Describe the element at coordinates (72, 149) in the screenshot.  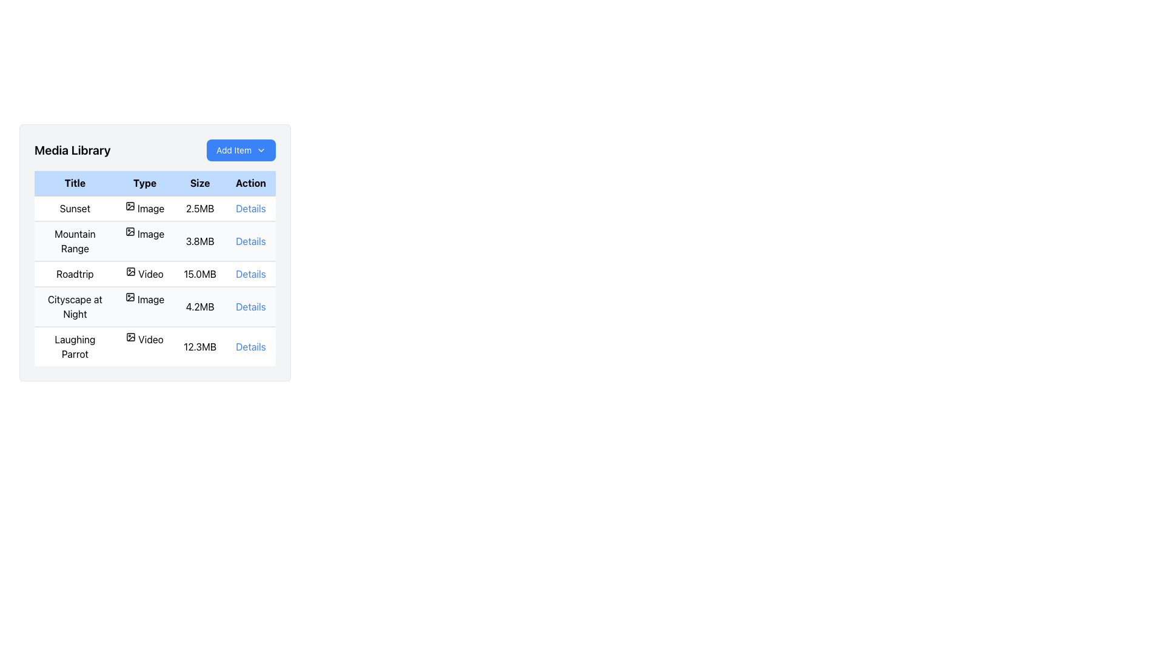
I see `text of the label positioned in the header bar, which serves as a title or label for the associated content panel, indicating the context or category of the displayed items` at that location.